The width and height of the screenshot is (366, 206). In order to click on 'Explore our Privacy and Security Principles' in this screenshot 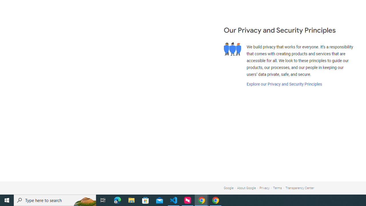, I will do `click(284, 84)`.